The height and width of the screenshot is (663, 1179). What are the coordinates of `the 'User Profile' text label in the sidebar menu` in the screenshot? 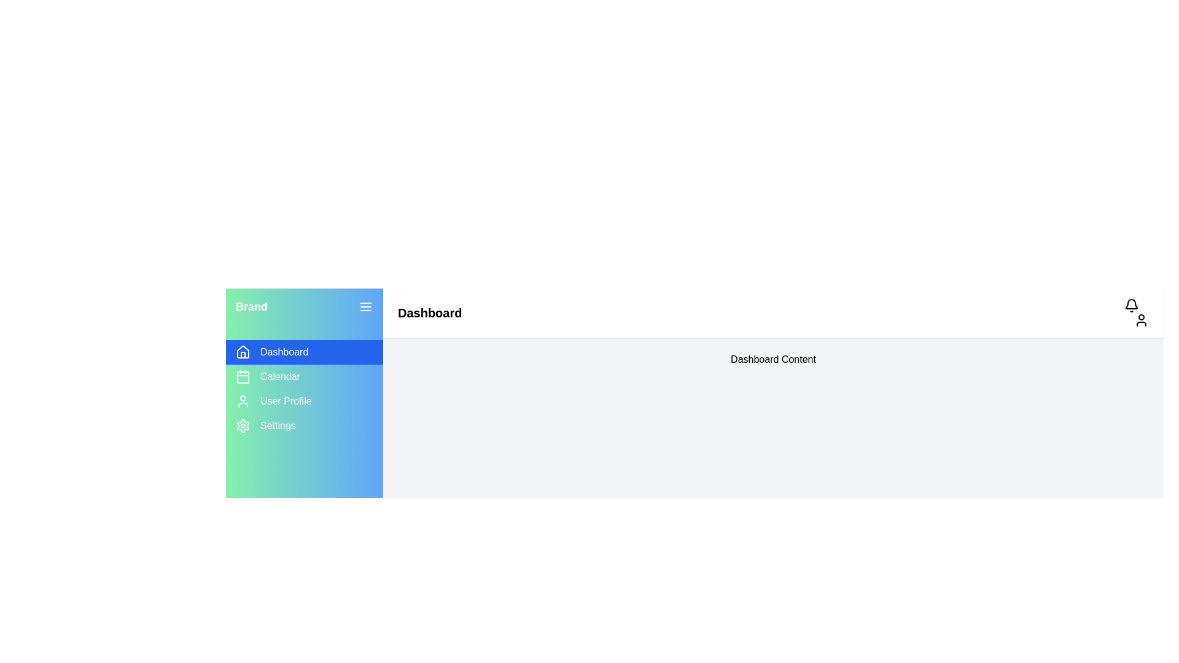 It's located at (285, 401).